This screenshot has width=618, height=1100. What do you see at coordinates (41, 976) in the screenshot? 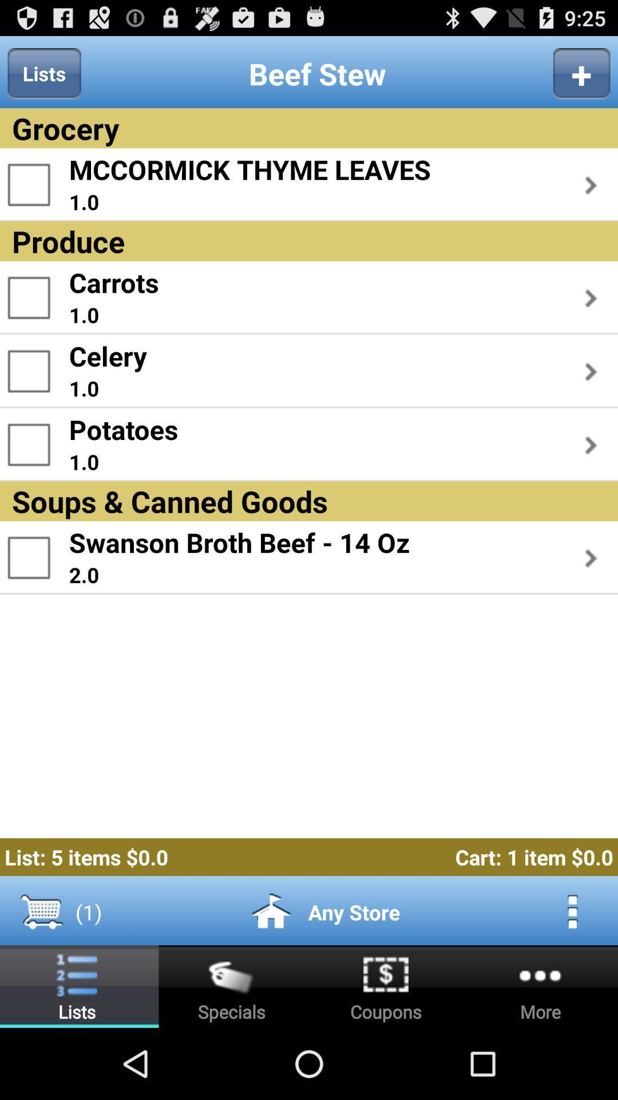
I see `the cart icon` at bounding box center [41, 976].